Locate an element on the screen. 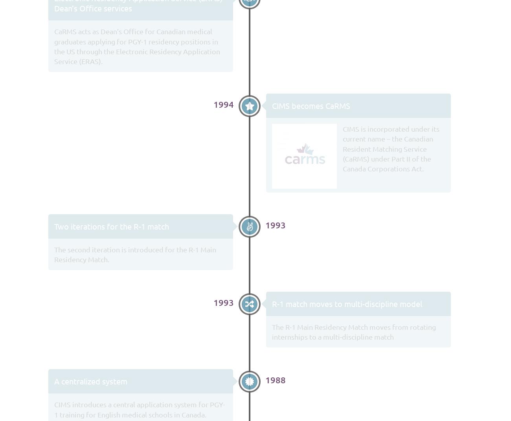  'R-1 match moves to multi-discipline model' is located at coordinates (271, 303).